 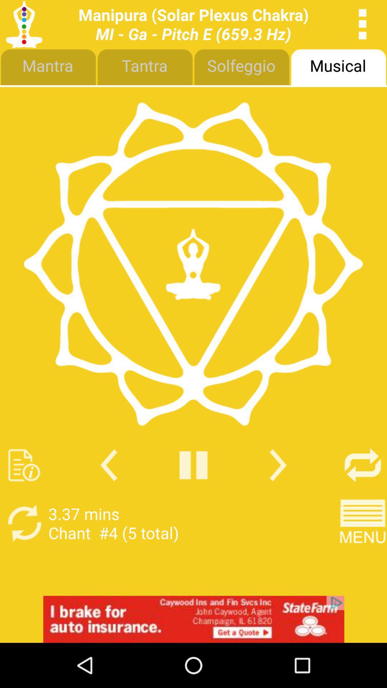 I want to click on repeat track, so click(x=363, y=465).